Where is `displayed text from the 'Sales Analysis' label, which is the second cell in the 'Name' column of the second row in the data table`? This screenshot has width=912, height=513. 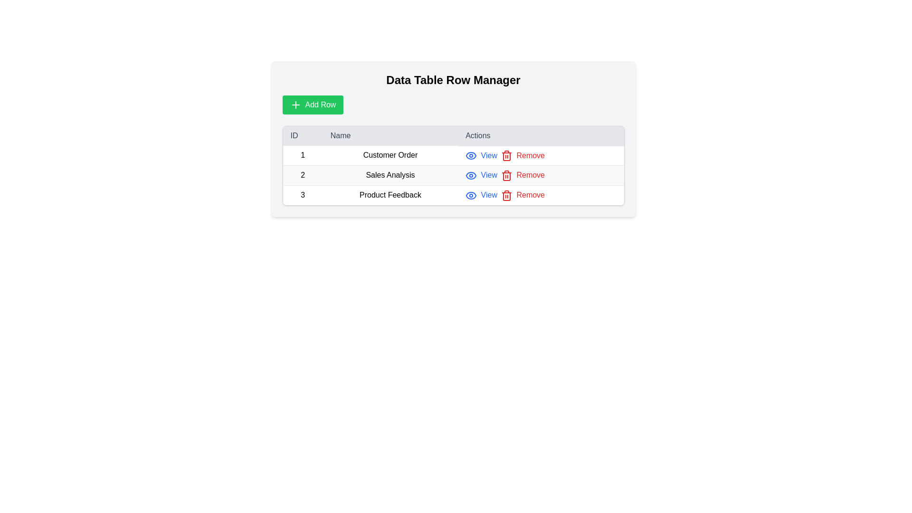
displayed text from the 'Sales Analysis' label, which is the second cell in the 'Name' column of the second row in the data table is located at coordinates (390, 175).